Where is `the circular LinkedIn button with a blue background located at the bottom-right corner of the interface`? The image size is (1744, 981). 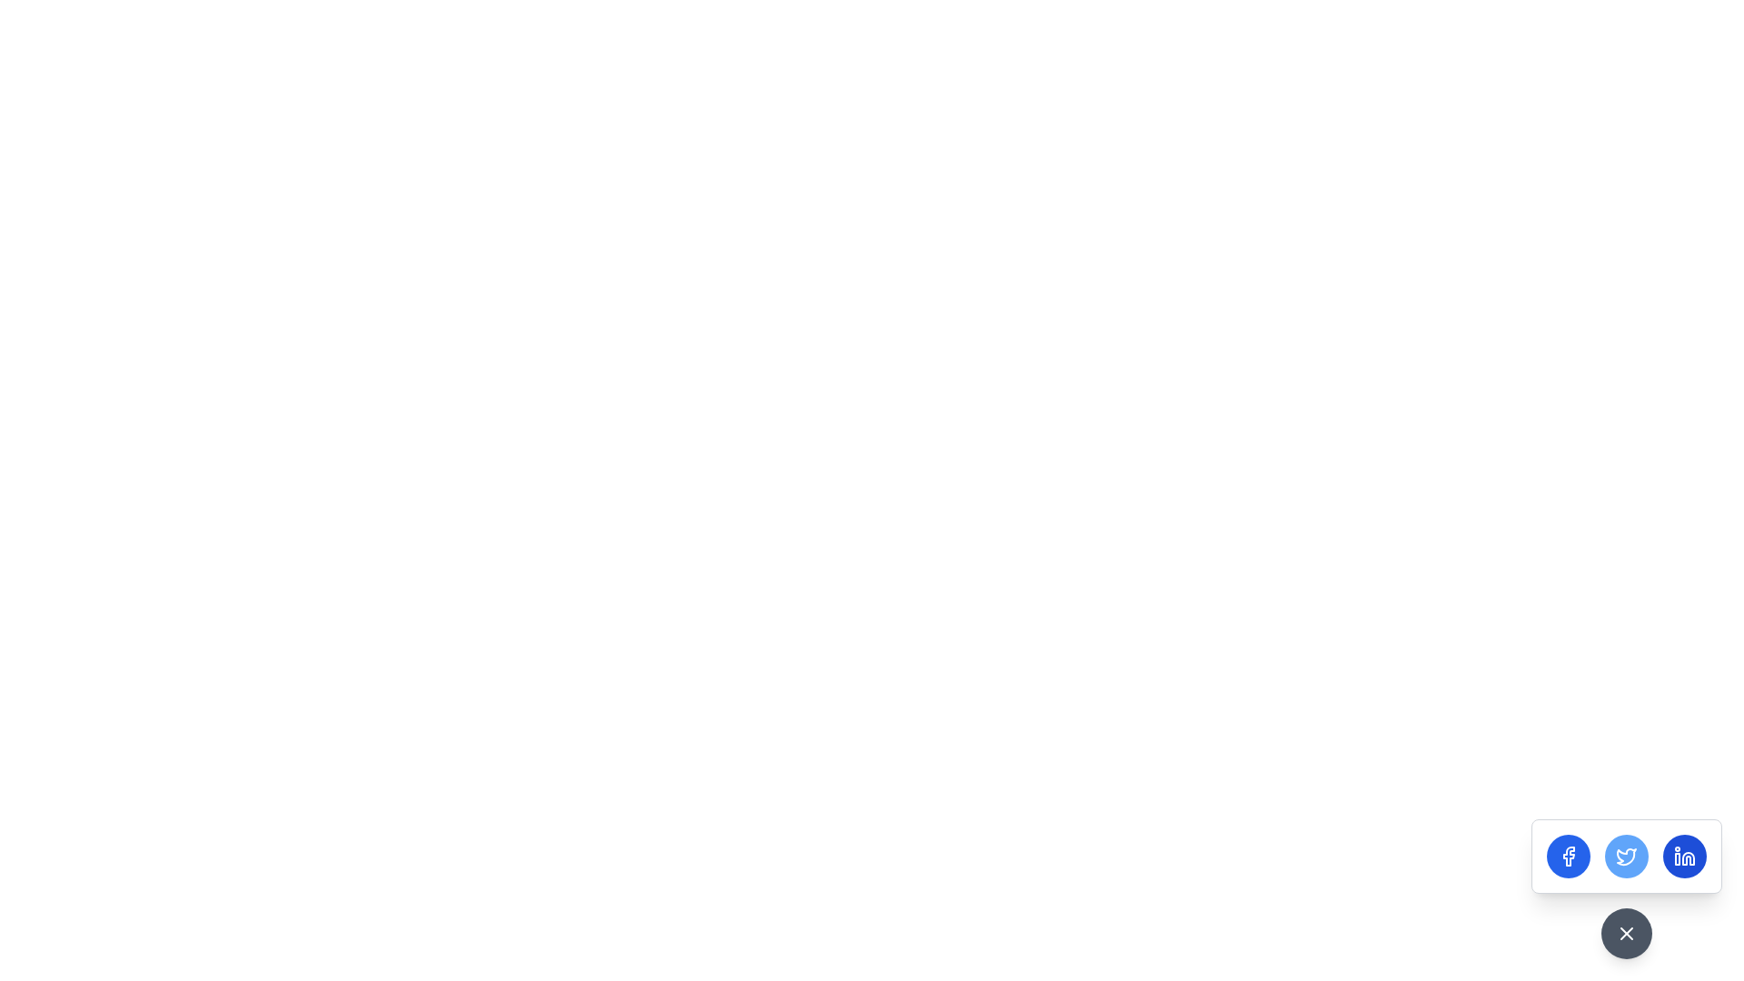
the circular LinkedIn button with a blue background located at the bottom-right corner of the interface is located at coordinates (1683, 856).